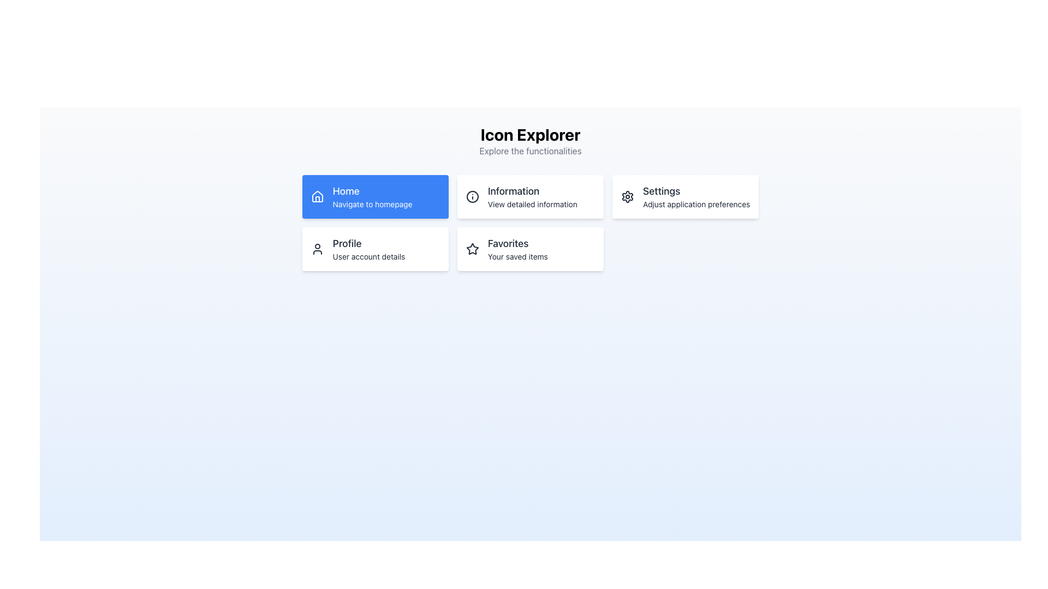  I want to click on the icon located on the leftmost side of the 'Information' card in the second row, so click(472, 197).